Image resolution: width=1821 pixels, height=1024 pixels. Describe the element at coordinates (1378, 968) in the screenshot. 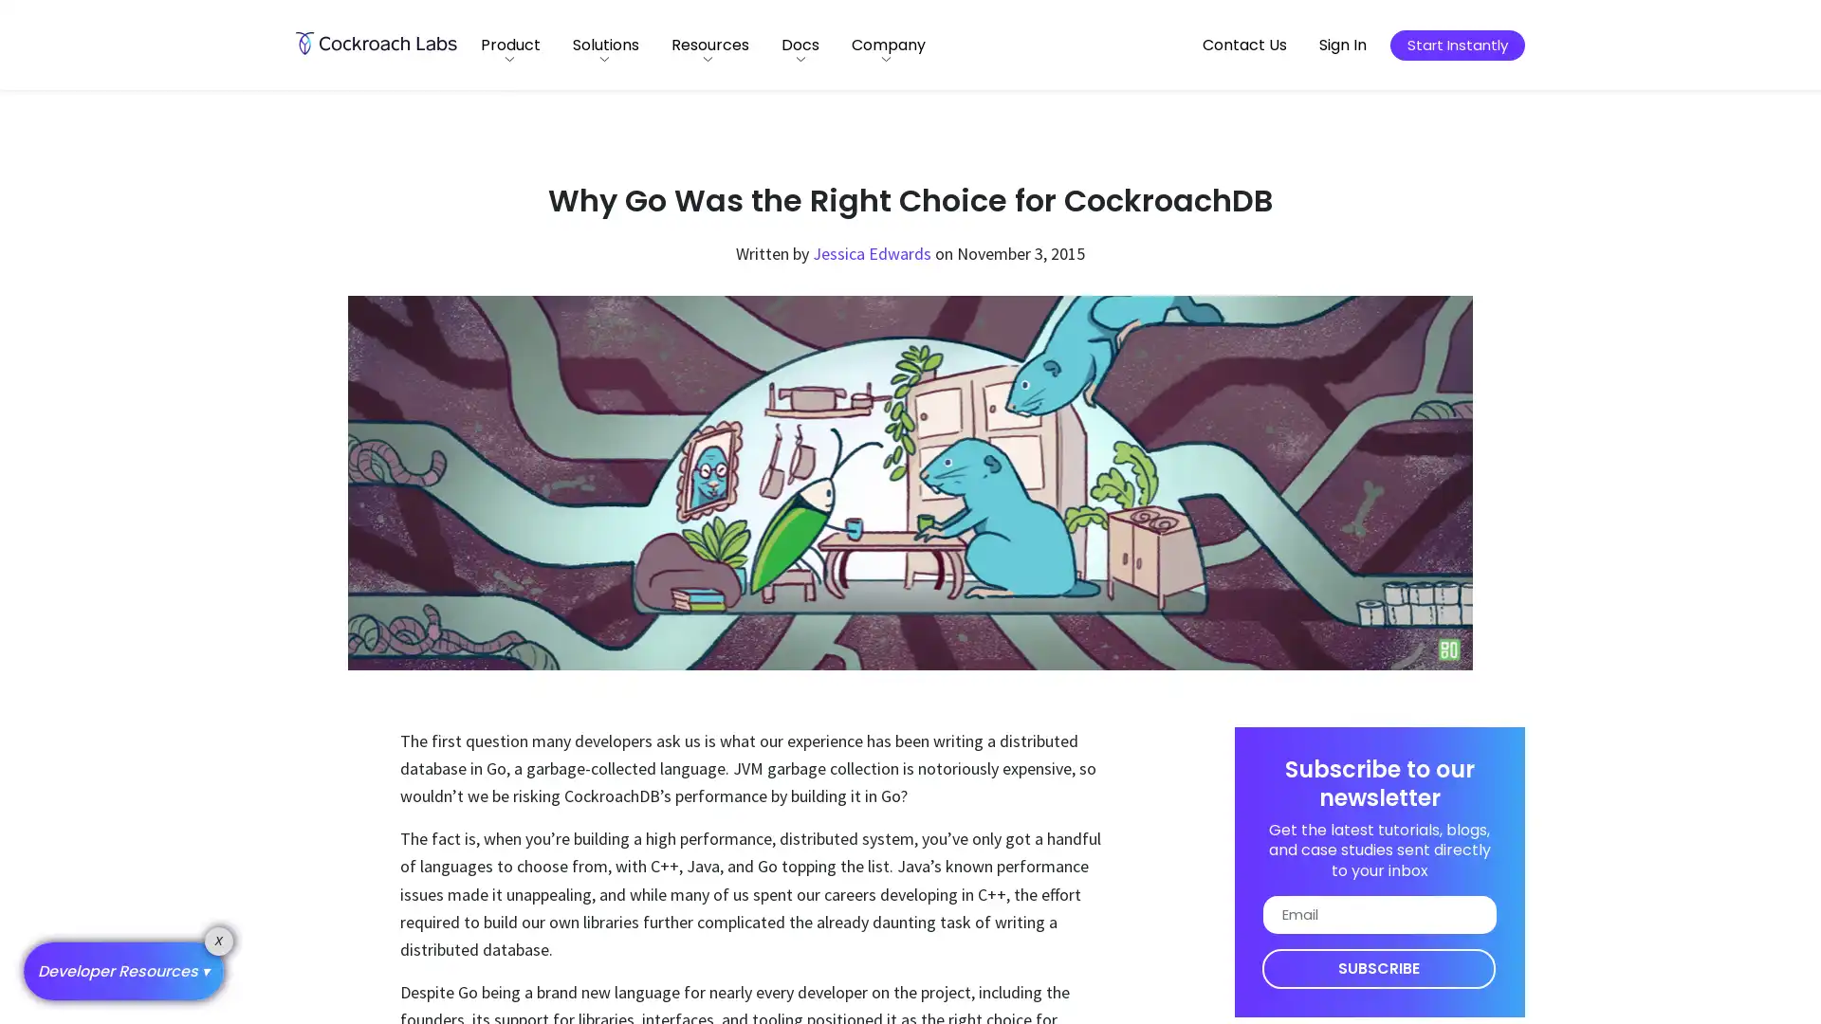

I see `SUBSCRIBE` at that location.